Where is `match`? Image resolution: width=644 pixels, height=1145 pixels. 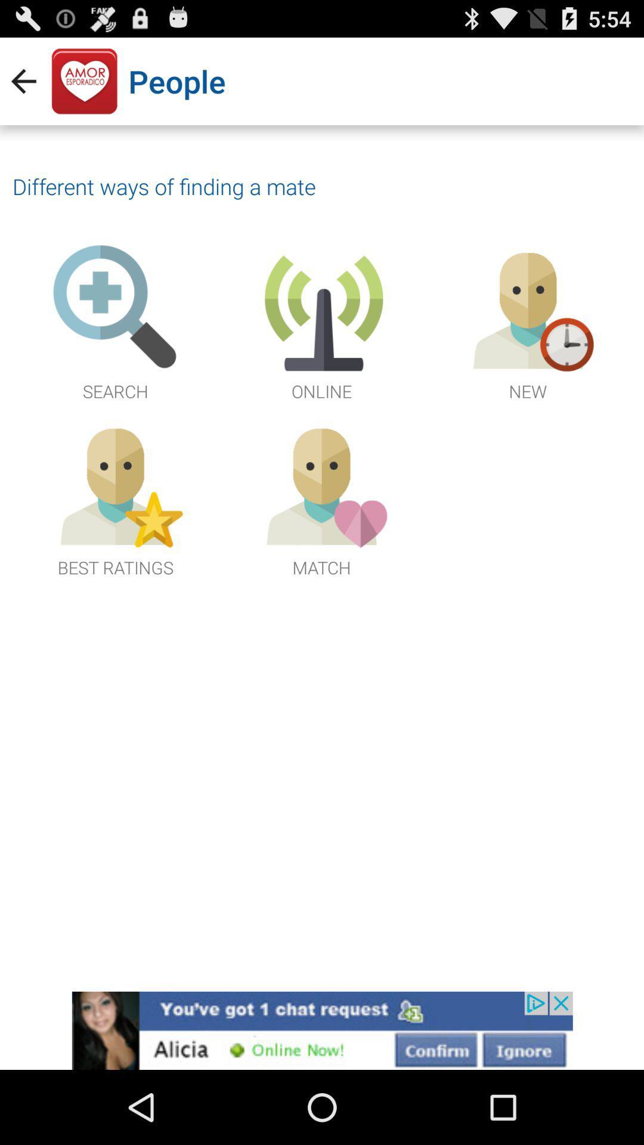
match is located at coordinates (321, 499).